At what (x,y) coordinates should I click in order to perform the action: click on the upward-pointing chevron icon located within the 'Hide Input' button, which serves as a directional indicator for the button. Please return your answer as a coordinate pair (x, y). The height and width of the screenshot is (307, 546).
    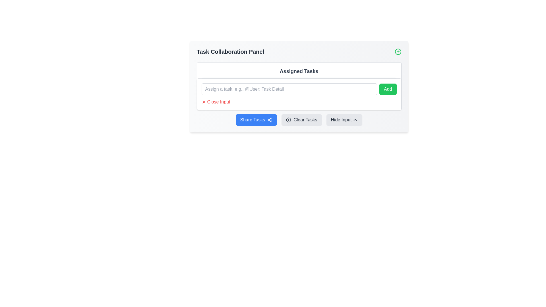
    Looking at the image, I should click on (355, 119).